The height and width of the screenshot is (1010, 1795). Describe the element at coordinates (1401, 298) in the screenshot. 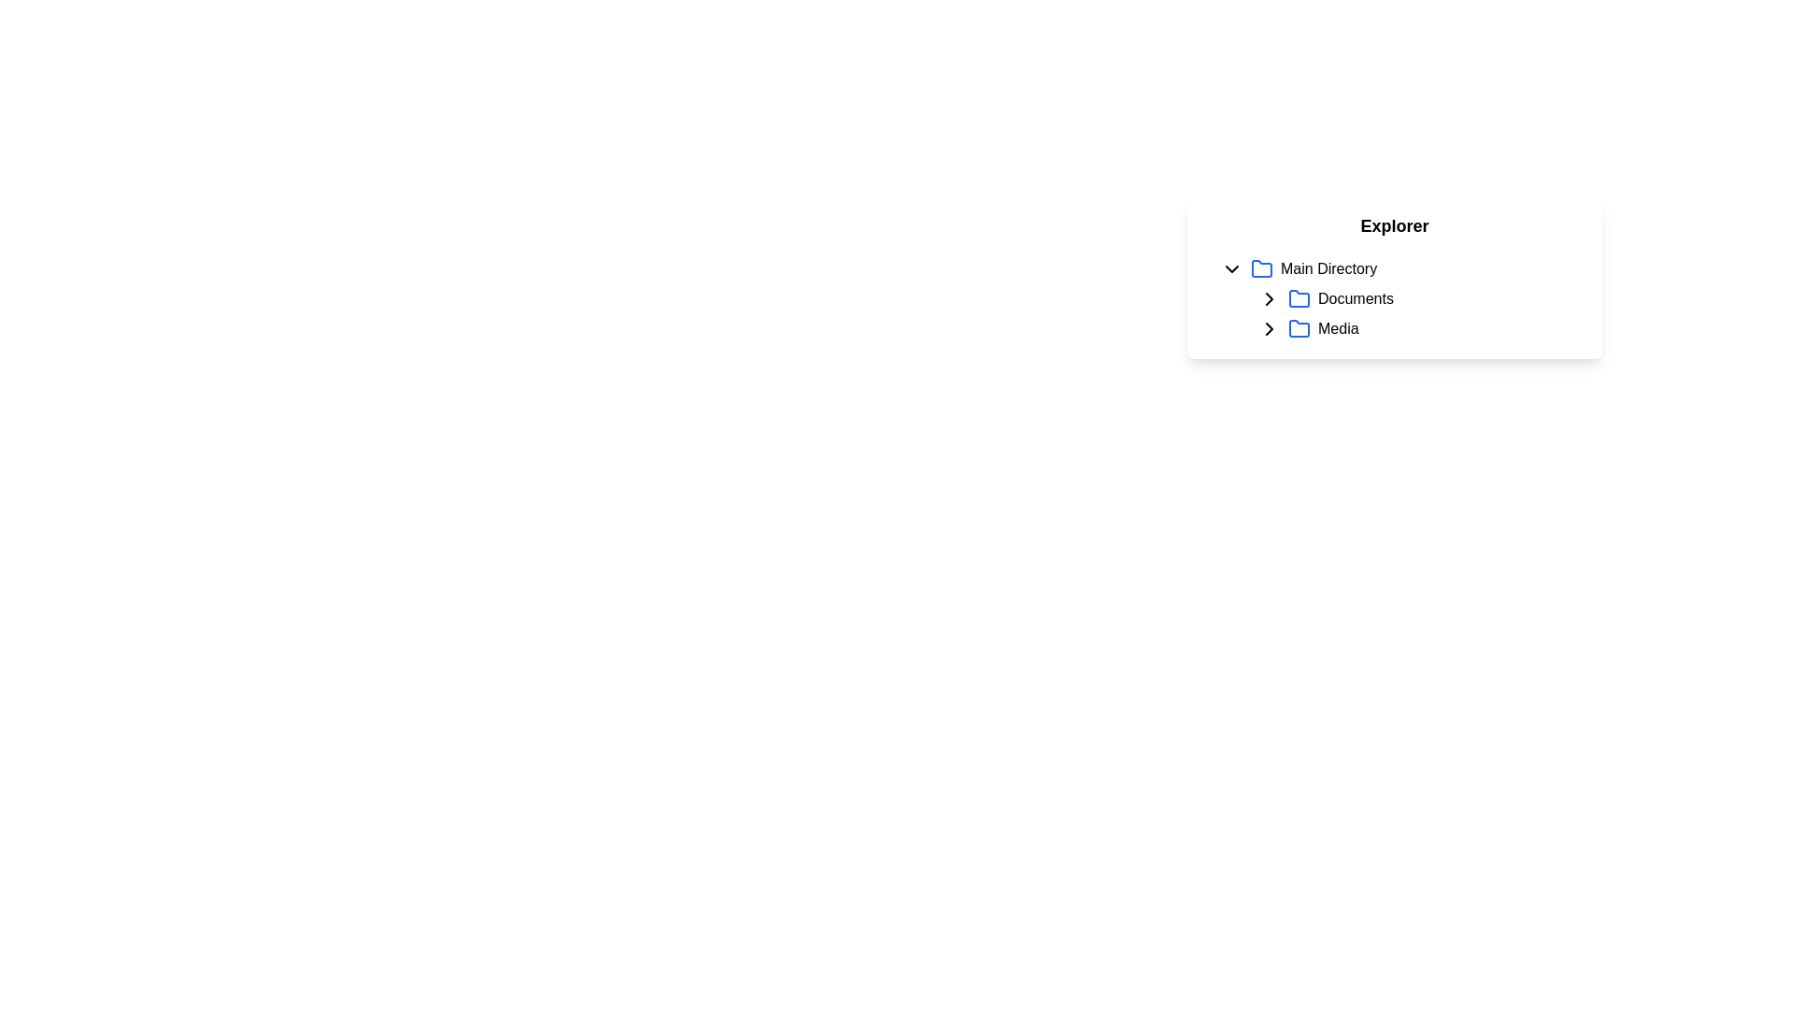

I see `the 'Documents' text label` at that location.